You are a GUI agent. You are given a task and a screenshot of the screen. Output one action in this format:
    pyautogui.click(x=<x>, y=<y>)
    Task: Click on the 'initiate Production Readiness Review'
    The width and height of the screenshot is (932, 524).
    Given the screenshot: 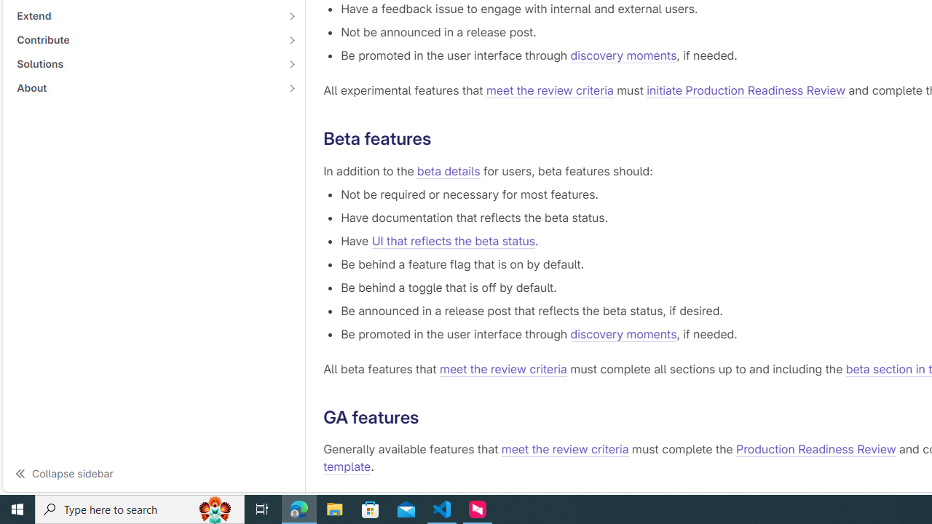 What is the action you would take?
    pyautogui.click(x=746, y=90)
    